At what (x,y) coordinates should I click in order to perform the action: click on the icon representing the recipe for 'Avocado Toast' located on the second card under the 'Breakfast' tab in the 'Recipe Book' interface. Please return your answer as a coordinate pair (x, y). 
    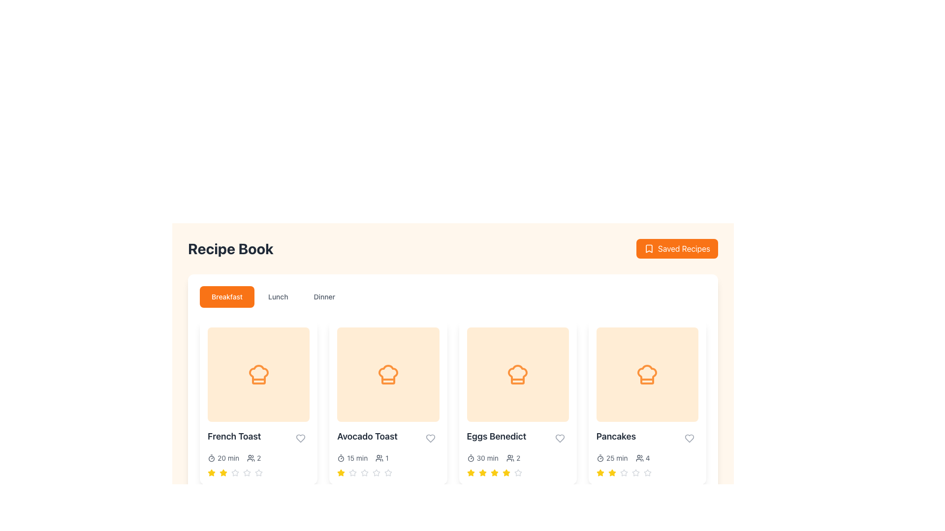
    Looking at the image, I should click on (387, 375).